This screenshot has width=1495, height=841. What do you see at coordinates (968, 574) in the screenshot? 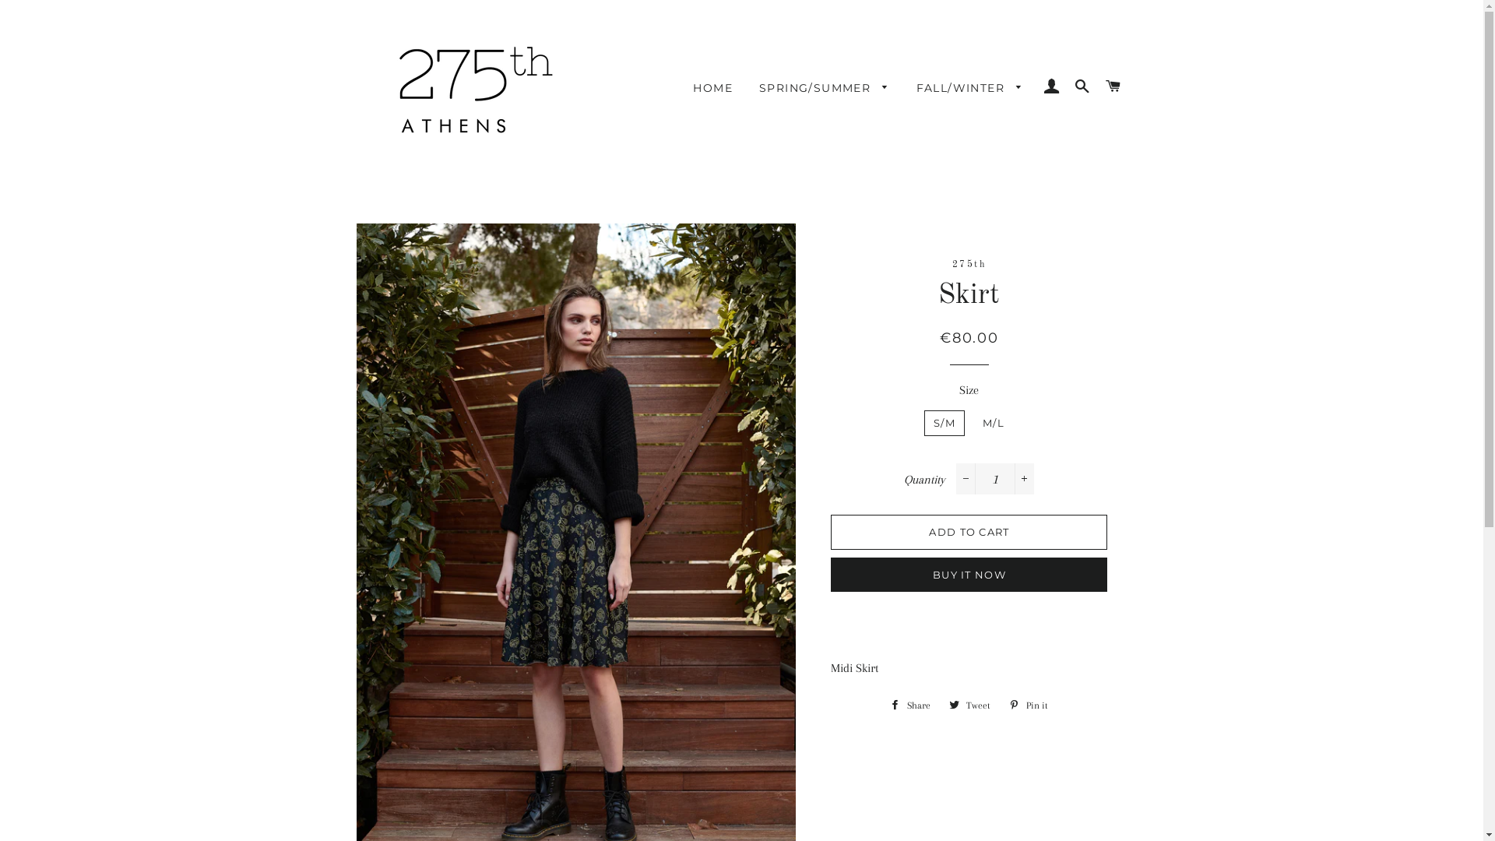
I see `'BUY IT NOW'` at bounding box center [968, 574].